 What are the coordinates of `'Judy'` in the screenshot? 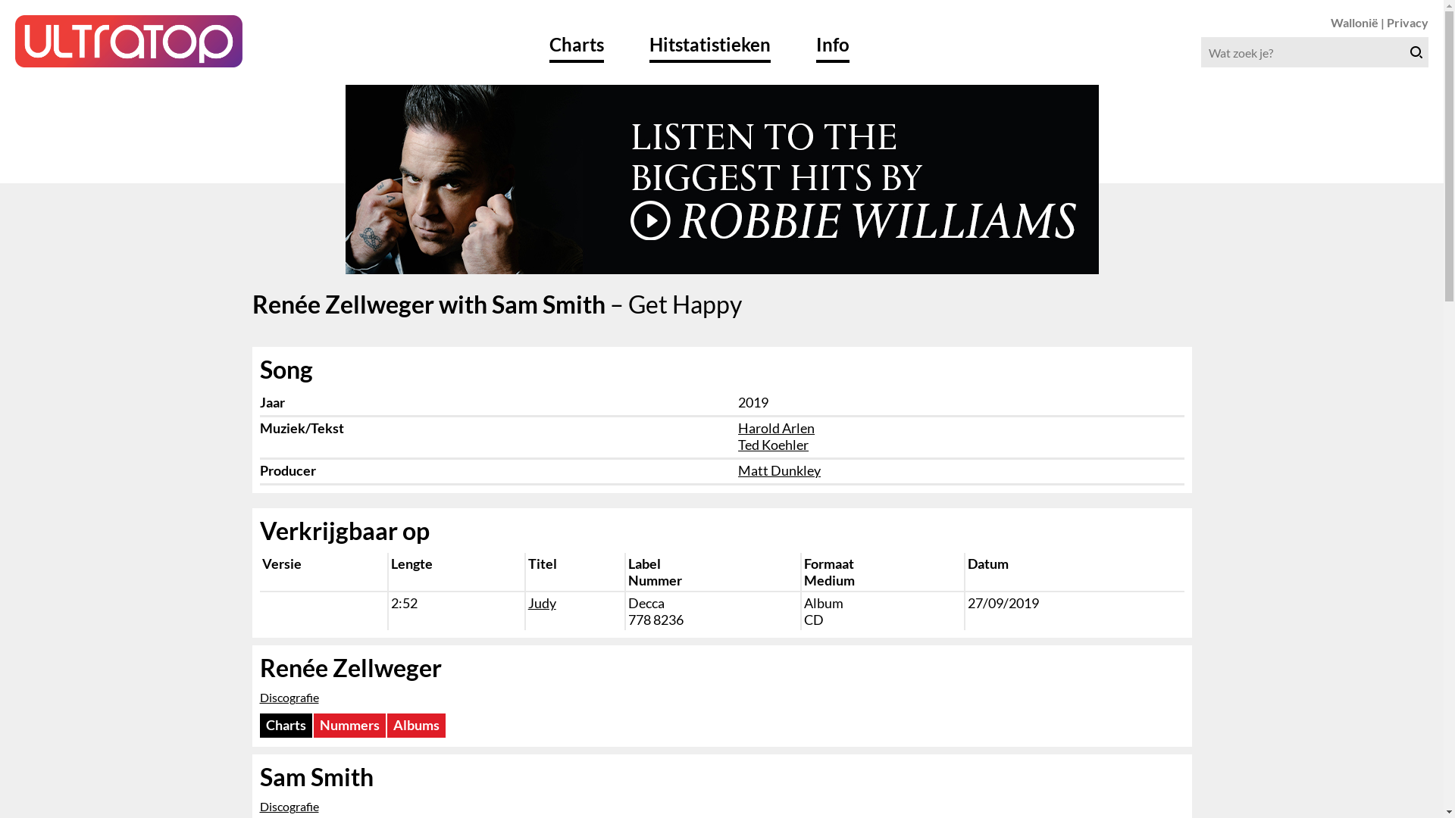 It's located at (542, 601).